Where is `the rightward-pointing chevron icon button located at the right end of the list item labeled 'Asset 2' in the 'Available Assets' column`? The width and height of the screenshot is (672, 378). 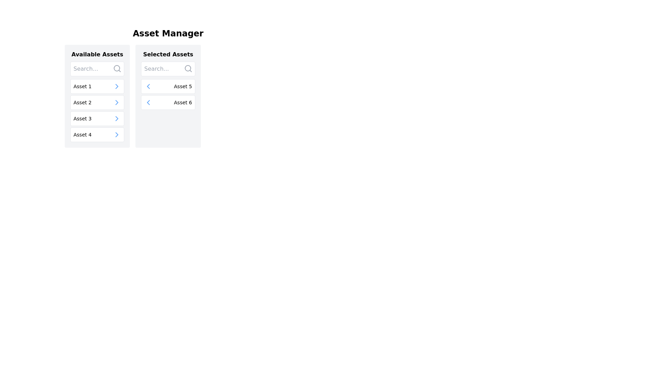
the rightward-pointing chevron icon button located at the right end of the list item labeled 'Asset 2' in the 'Available Assets' column is located at coordinates (117, 103).